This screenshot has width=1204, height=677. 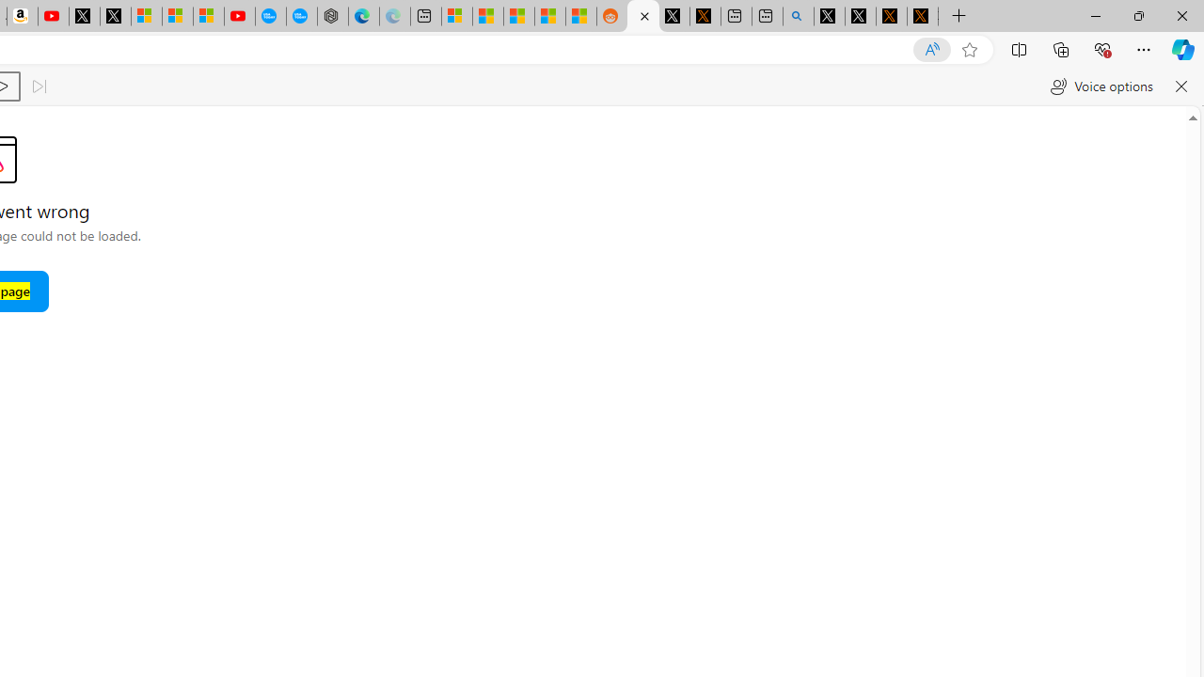 What do you see at coordinates (115, 16) in the screenshot?
I see `'X'` at bounding box center [115, 16].